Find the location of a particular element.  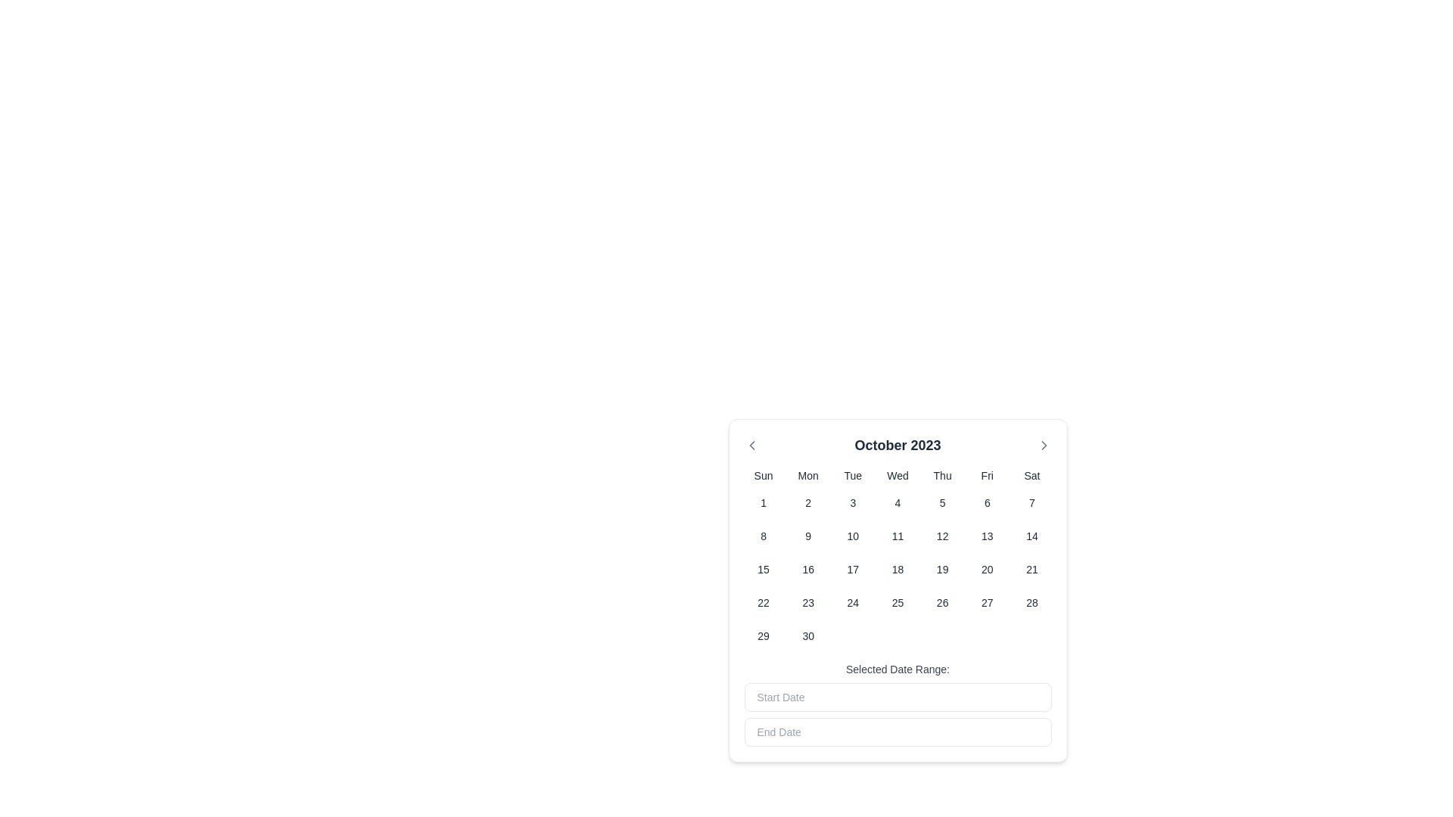

the rectangular button labeled '27' located in the sixth column of the last row of a calendar grid is located at coordinates (987, 602).